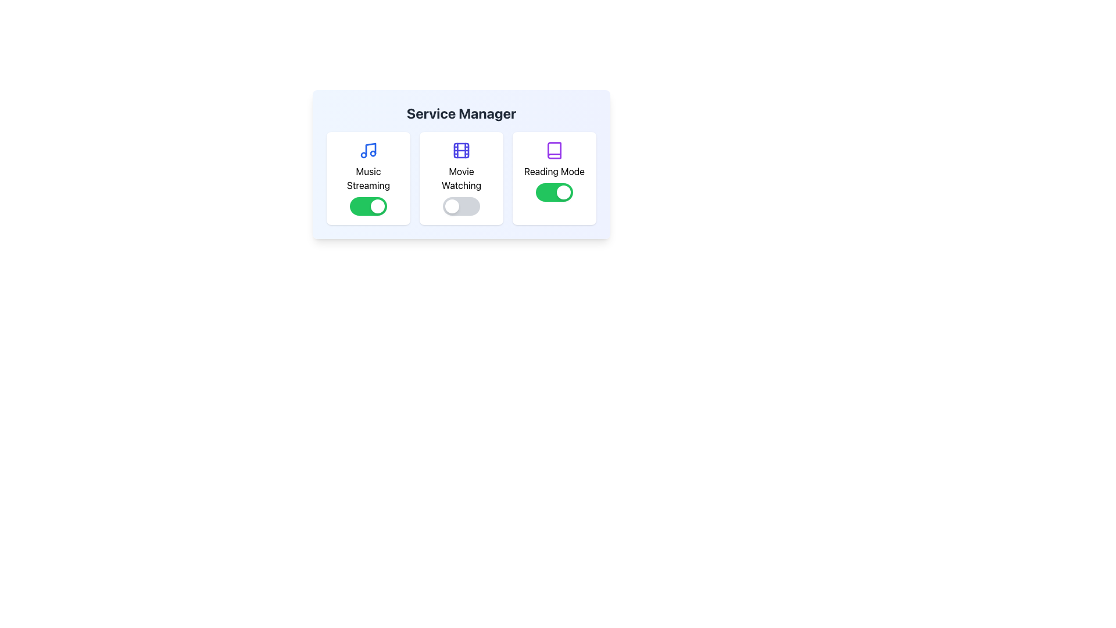 The height and width of the screenshot is (628, 1116). I want to click on the circular Toggle Button Knob, which is white and positioned inside a green toggle switch, so click(563, 192).